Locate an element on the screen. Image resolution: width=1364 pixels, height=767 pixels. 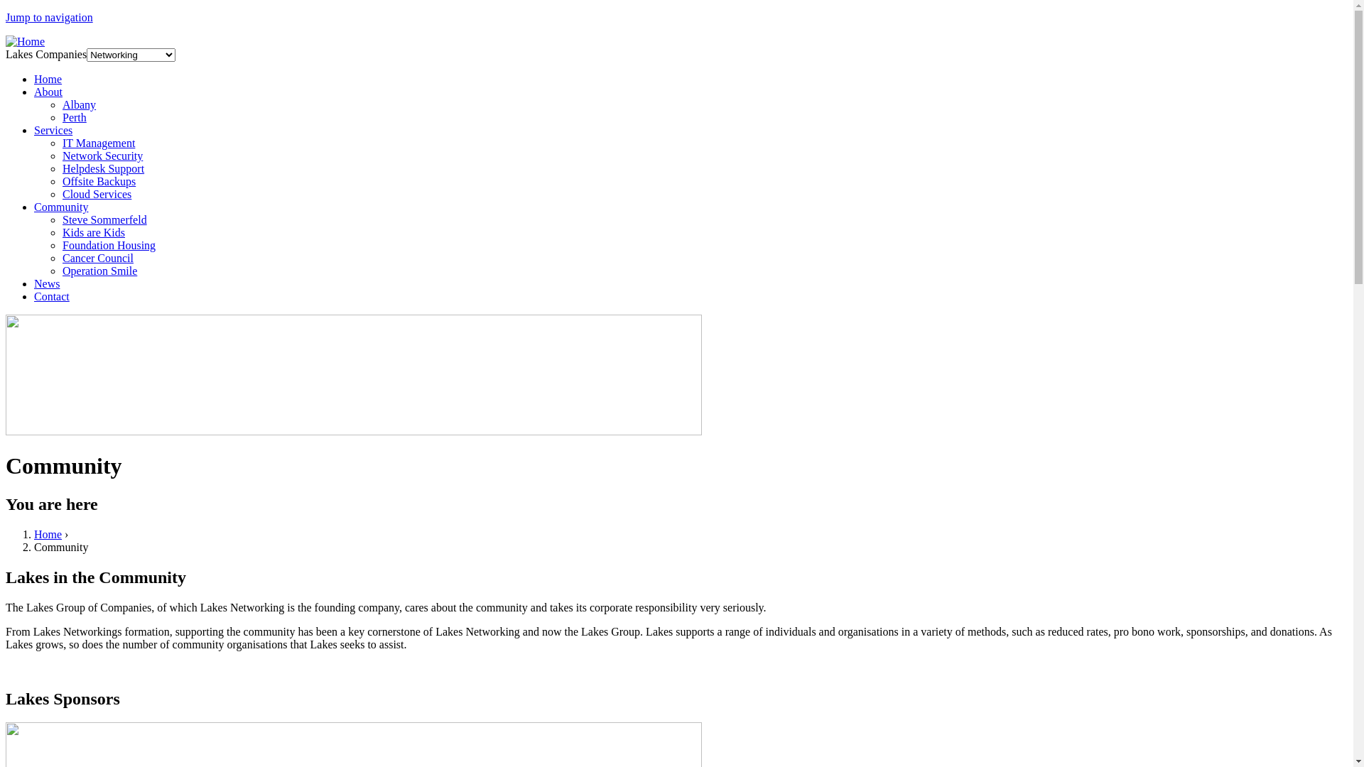
'Operation Smile' is located at coordinates (61, 271).